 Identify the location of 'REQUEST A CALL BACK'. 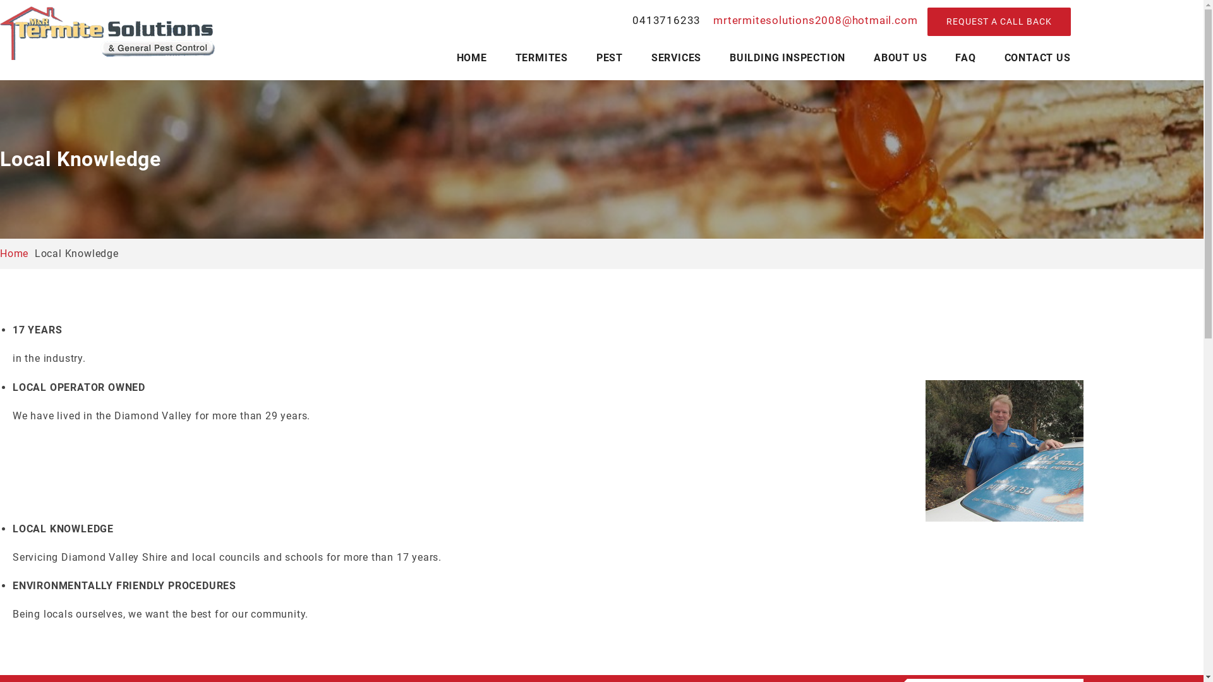
(998, 21).